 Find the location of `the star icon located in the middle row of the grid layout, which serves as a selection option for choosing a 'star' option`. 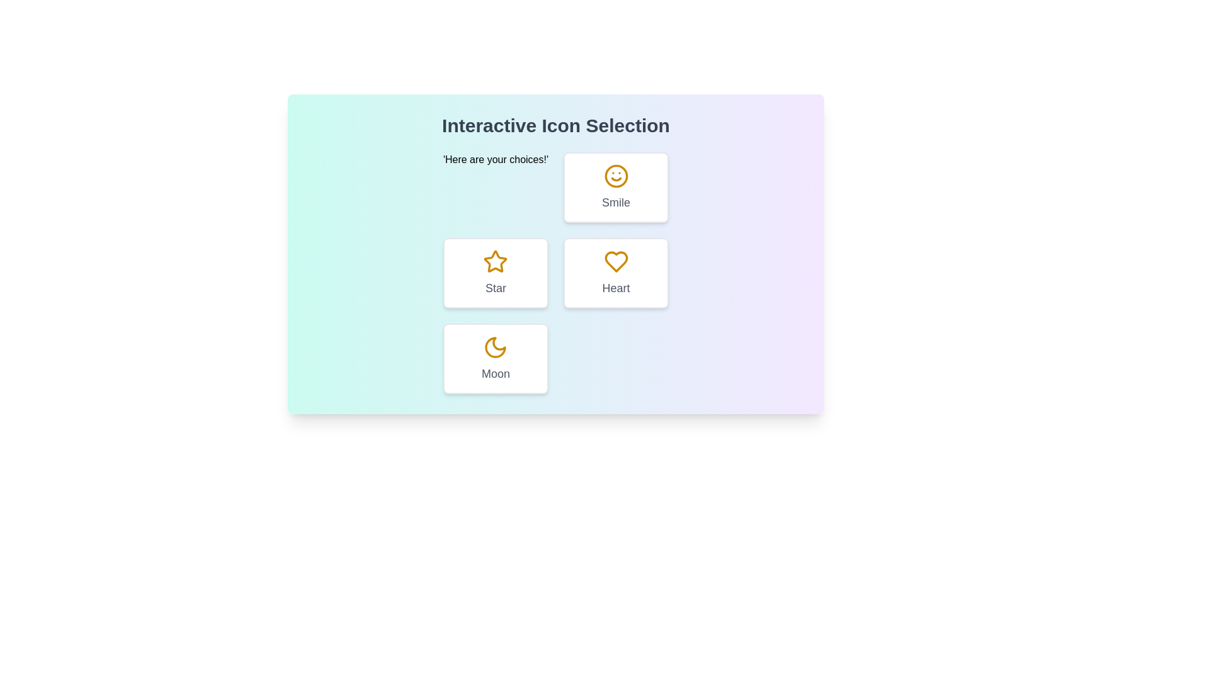

the star icon located in the middle row of the grid layout, which serves as a selection option for choosing a 'star' option is located at coordinates (495, 261).